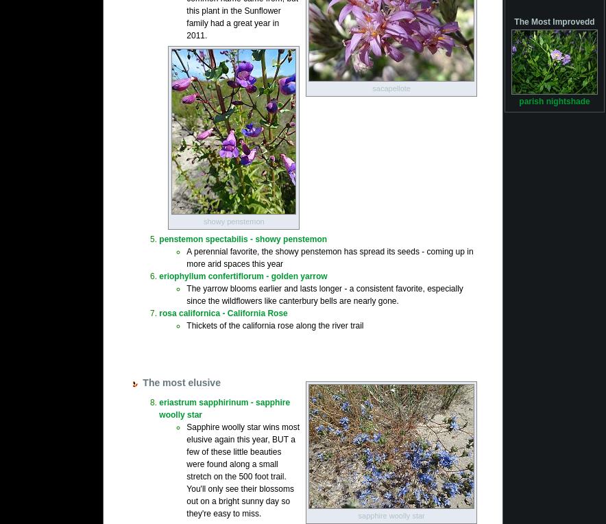 The width and height of the screenshot is (606, 524). Describe the element at coordinates (324, 294) in the screenshot. I see `'The yarrow blooms earlier and lasts longer - a consistent favorite, 
especially since the wildflowers like canterbury bells are nearly gone.'` at that location.